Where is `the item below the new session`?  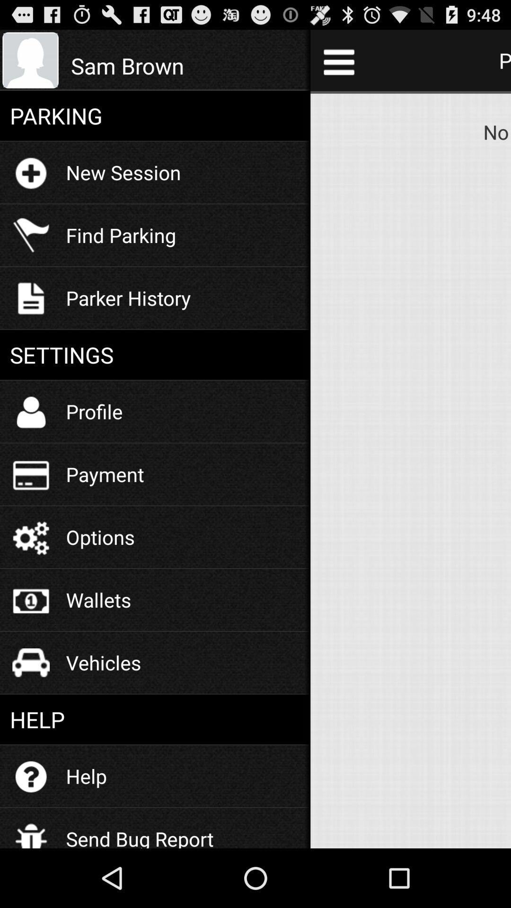
the item below the new session is located at coordinates (120, 235).